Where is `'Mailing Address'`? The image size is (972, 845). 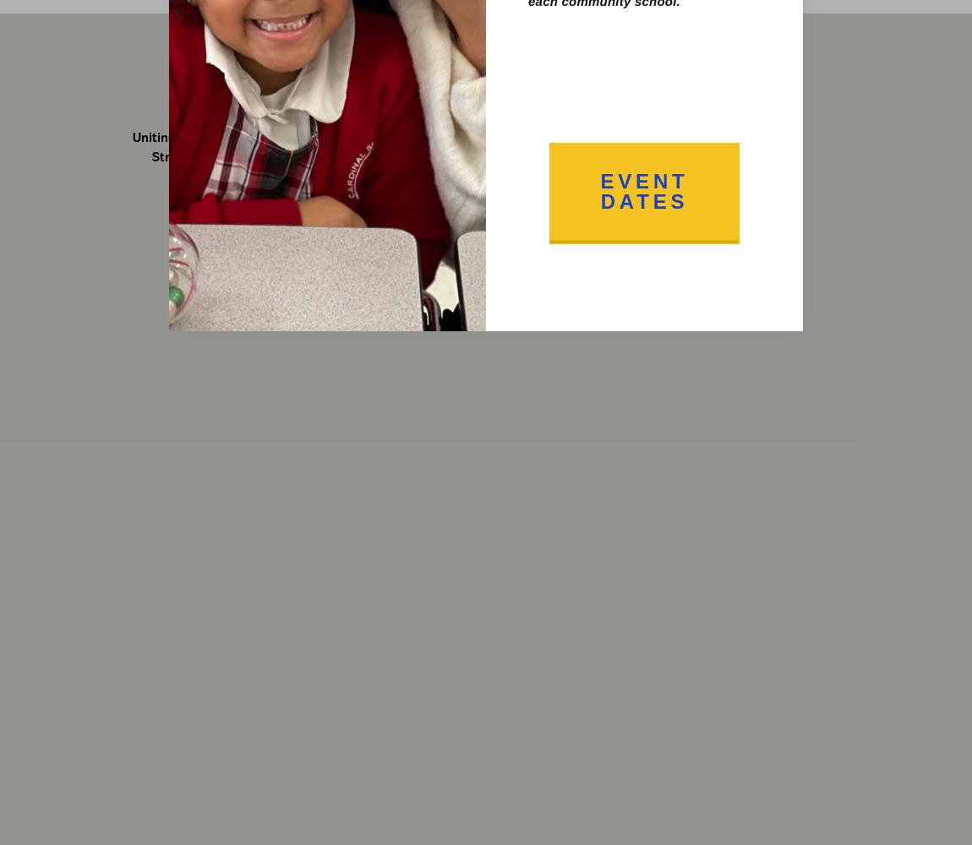 'Mailing Address' is located at coordinates (686, 106).